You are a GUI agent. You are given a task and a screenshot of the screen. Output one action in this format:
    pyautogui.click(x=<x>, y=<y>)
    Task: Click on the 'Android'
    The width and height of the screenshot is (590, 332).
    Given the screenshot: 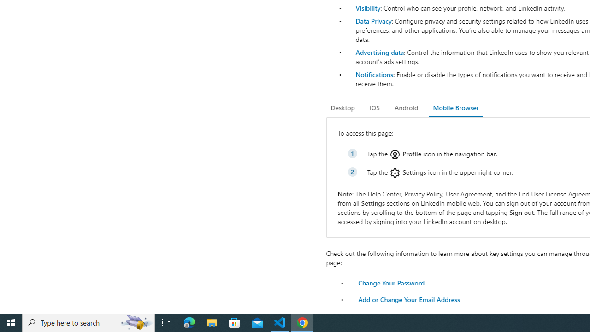 What is the action you would take?
    pyautogui.click(x=406, y=107)
    